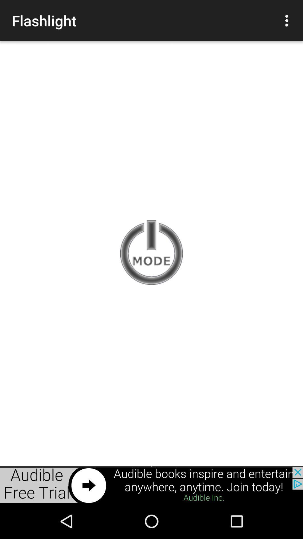 The image size is (303, 539). Describe the element at coordinates (151, 485) in the screenshot. I see `the option` at that location.